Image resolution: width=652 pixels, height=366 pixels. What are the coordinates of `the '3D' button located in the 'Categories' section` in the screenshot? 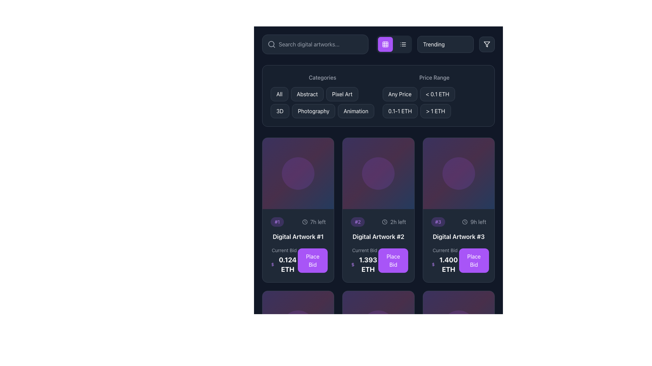 It's located at (280, 110).